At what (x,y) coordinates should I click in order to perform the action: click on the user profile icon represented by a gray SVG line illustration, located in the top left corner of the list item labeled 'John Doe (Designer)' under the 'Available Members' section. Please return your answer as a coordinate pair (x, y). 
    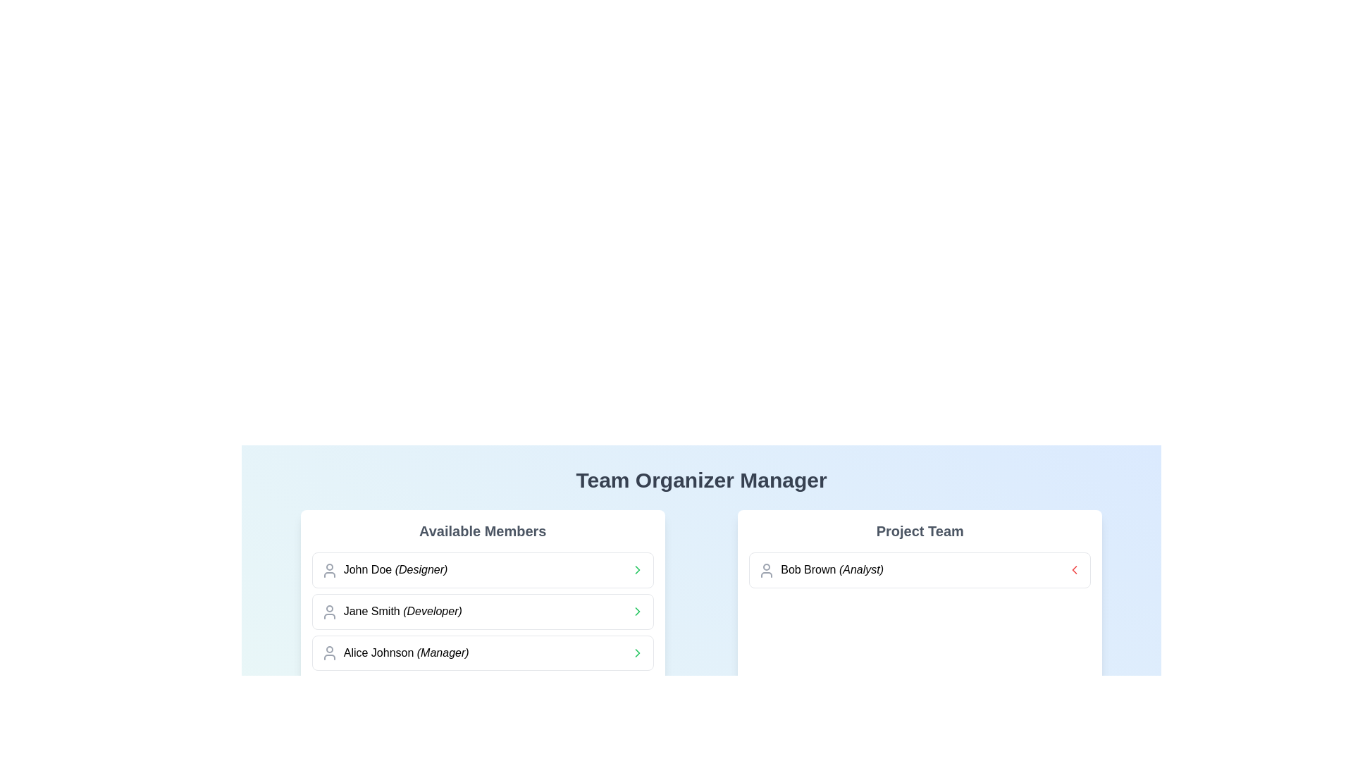
    Looking at the image, I should click on (328, 569).